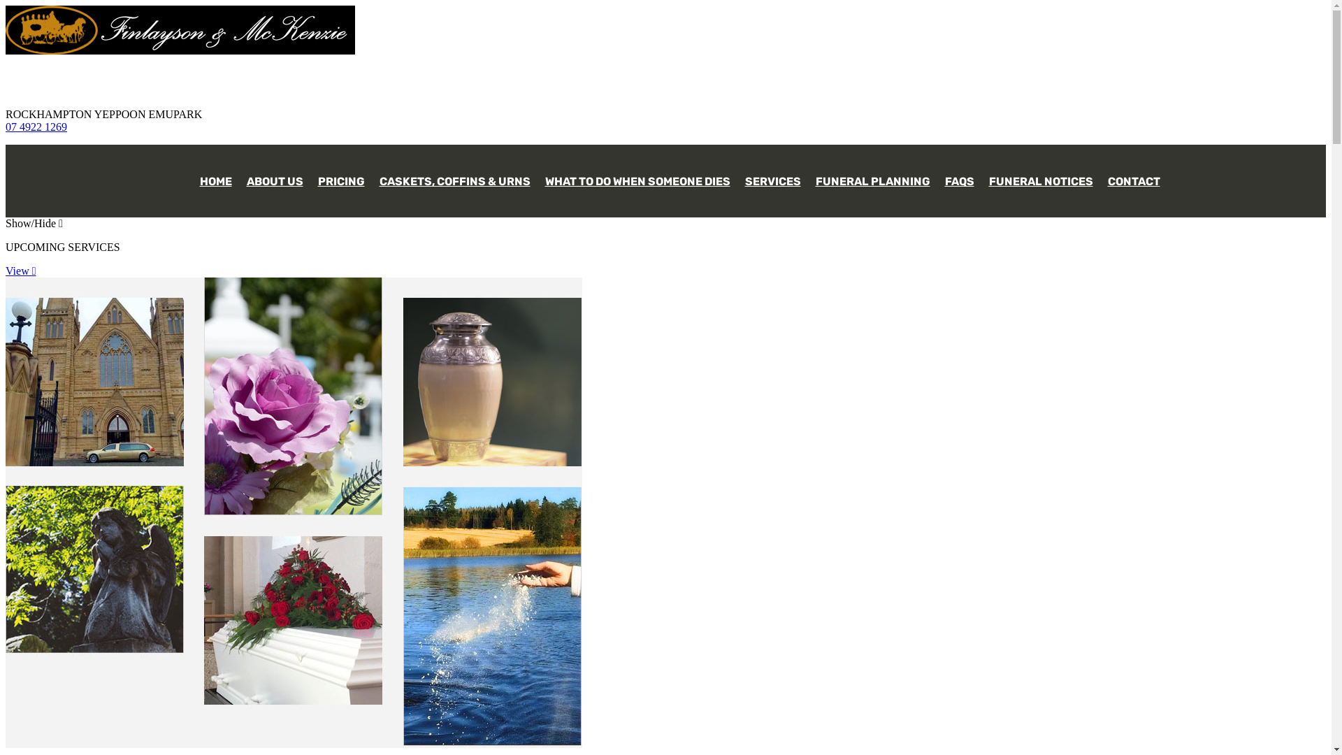 The width and height of the screenshot is (1342, 755). Describe the element at coordinates (1134, 174) in the screenshot. I see `'CONTACT'` at that location.